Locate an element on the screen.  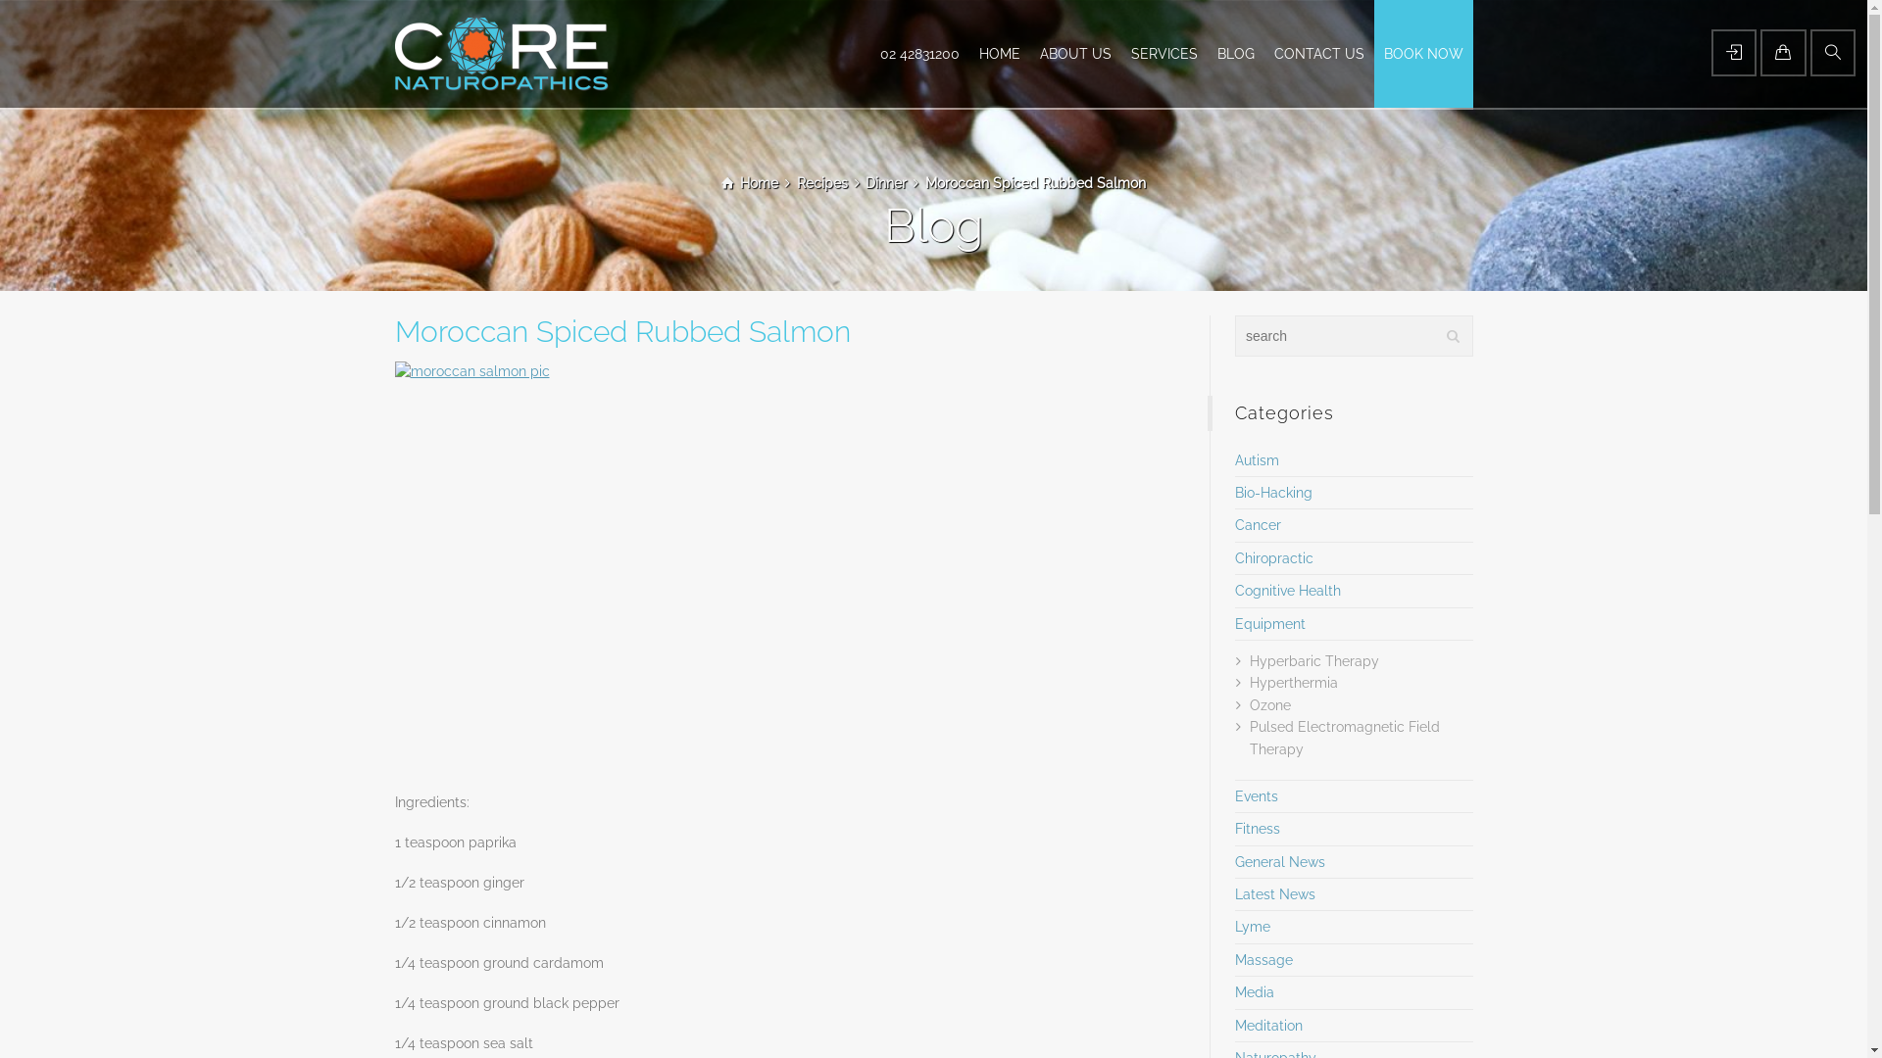
'BLOG' is located at coordinates (1235, 52).